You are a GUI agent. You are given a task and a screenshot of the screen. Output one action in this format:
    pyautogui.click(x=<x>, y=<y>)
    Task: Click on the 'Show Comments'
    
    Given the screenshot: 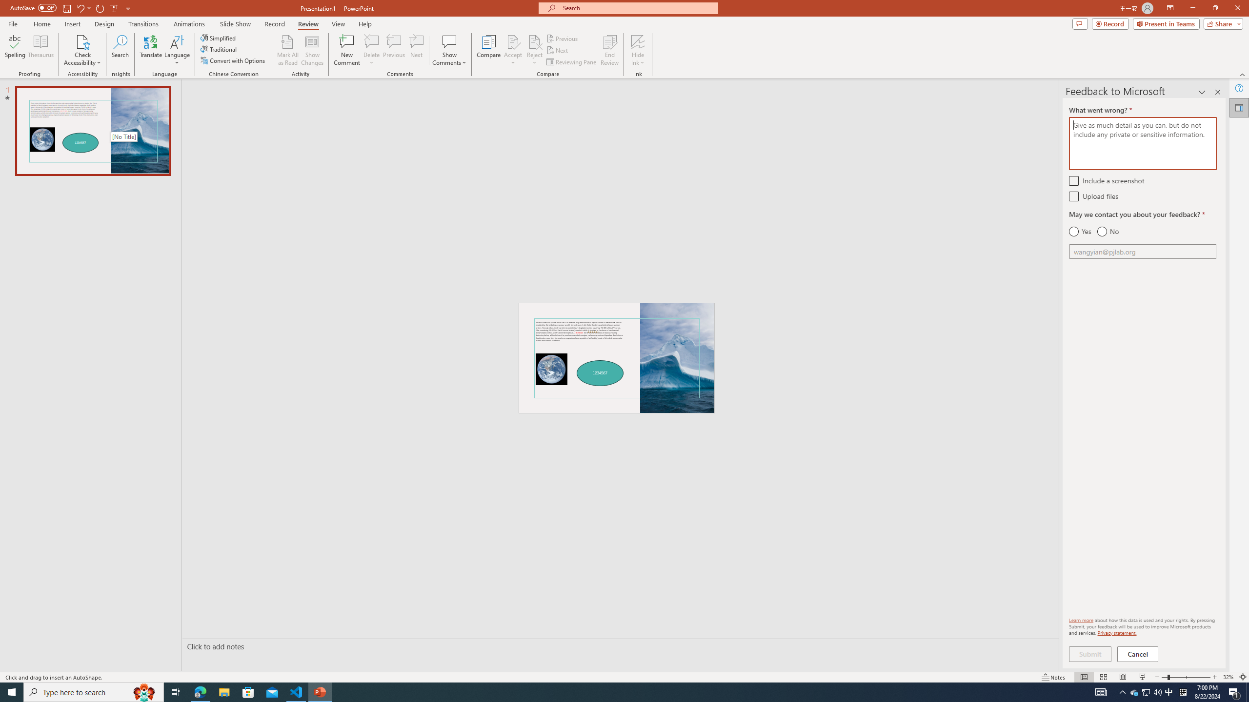 What is the action you would take?
    pyautogui.click(x=449, y=41)
    